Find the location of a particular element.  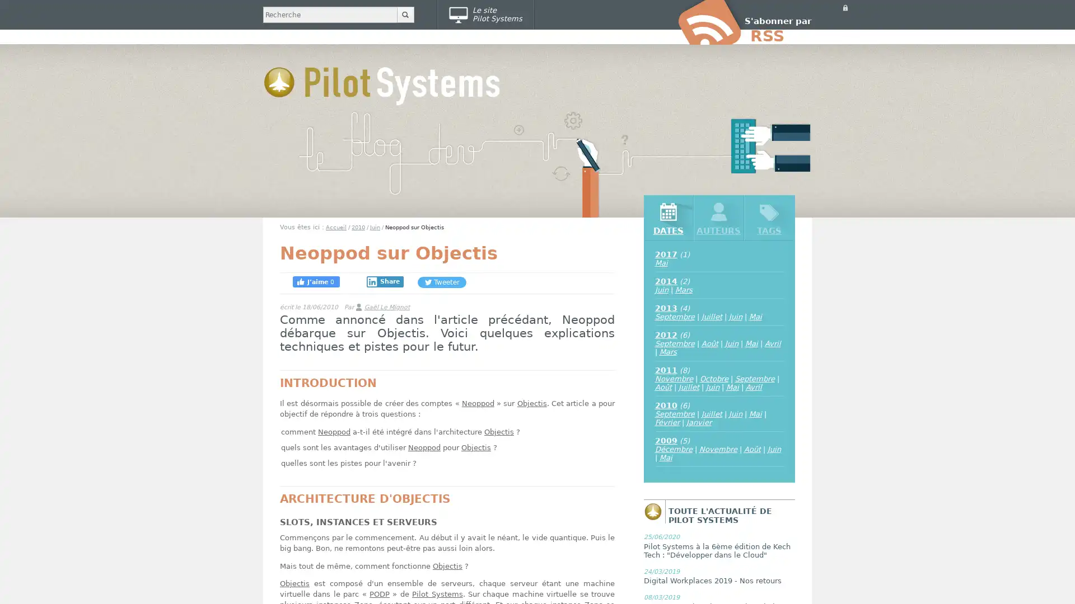

Share is located at coordinates (385, 281).